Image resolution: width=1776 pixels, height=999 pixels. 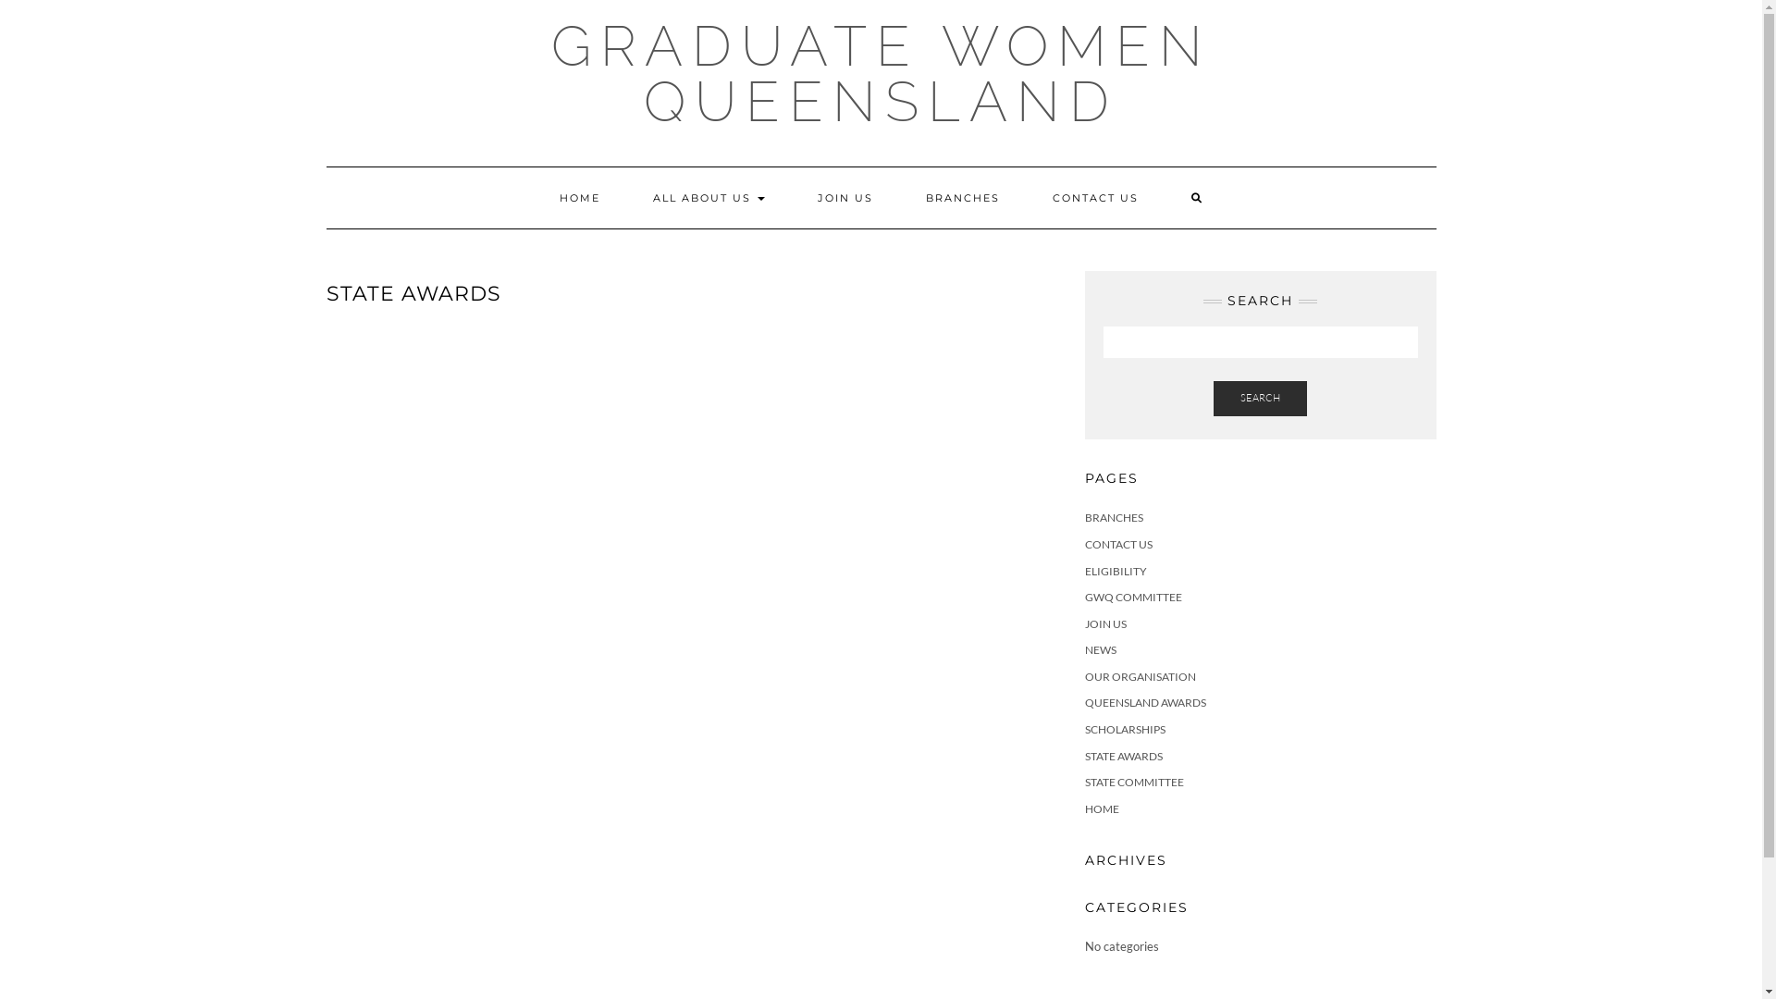 I want to click on 'ELIGIBILITY', so click(x=1083, y=570).